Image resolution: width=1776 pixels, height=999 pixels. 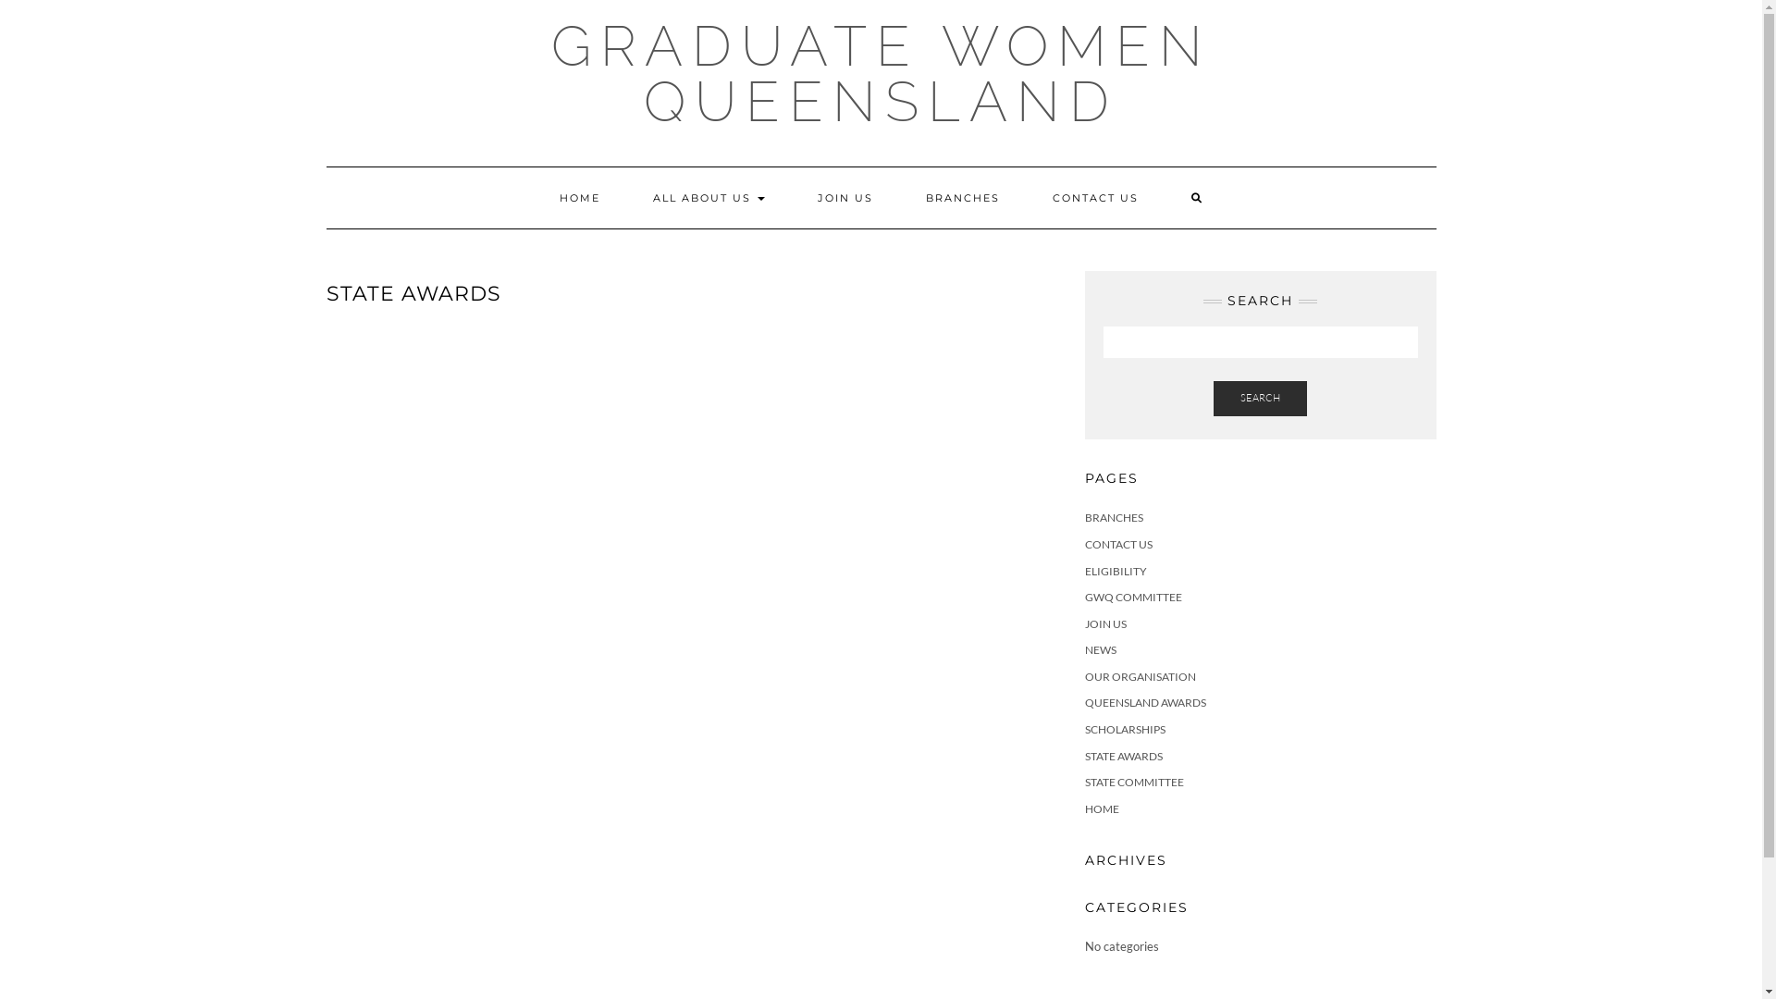 I want to click on 'ELIGIBILITY', so click(x=1083, y=570).